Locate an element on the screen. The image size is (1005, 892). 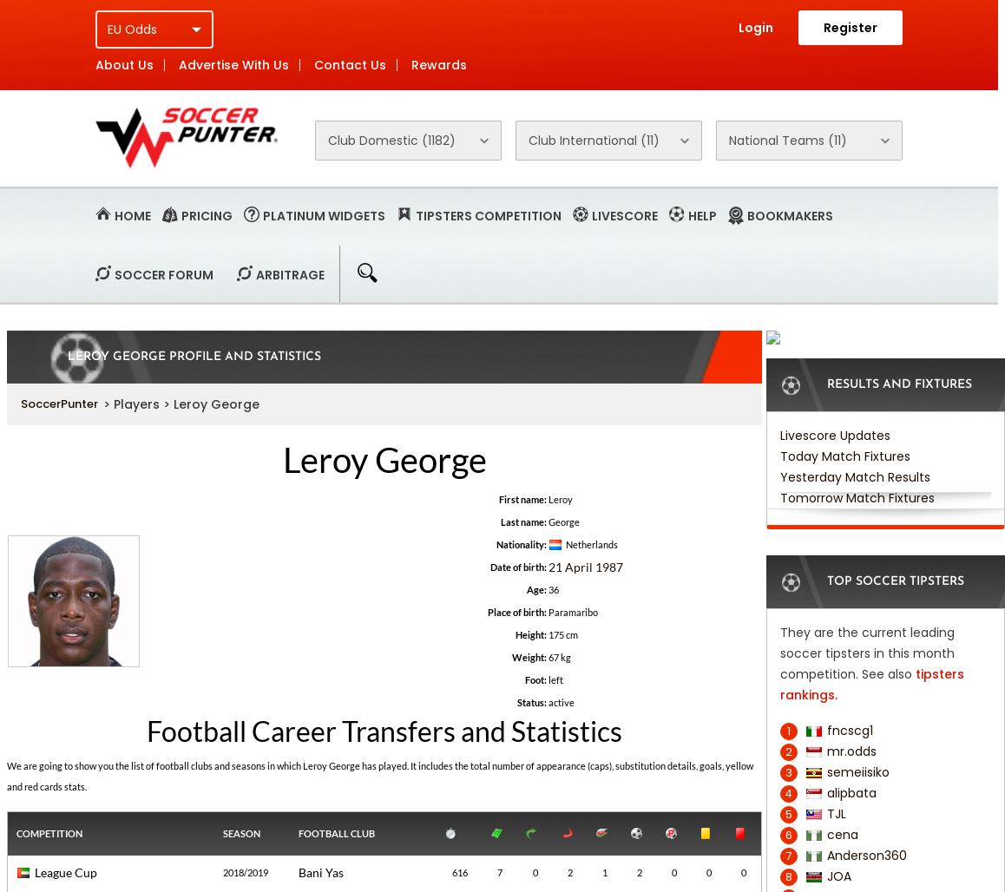
'Login' is located at coordinates (755, 27).